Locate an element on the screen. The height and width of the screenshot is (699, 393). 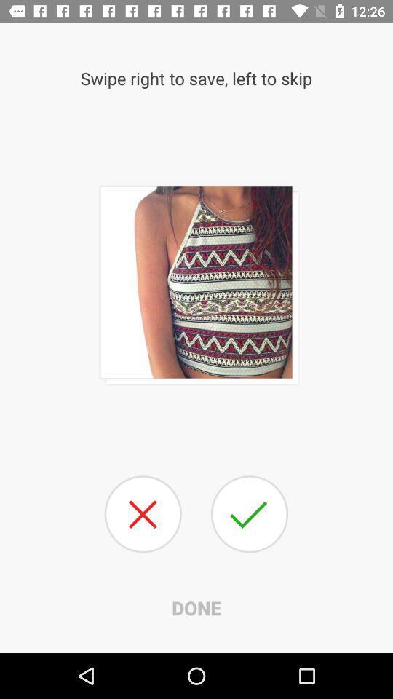
the close icon is located at coordinates (143, 514).